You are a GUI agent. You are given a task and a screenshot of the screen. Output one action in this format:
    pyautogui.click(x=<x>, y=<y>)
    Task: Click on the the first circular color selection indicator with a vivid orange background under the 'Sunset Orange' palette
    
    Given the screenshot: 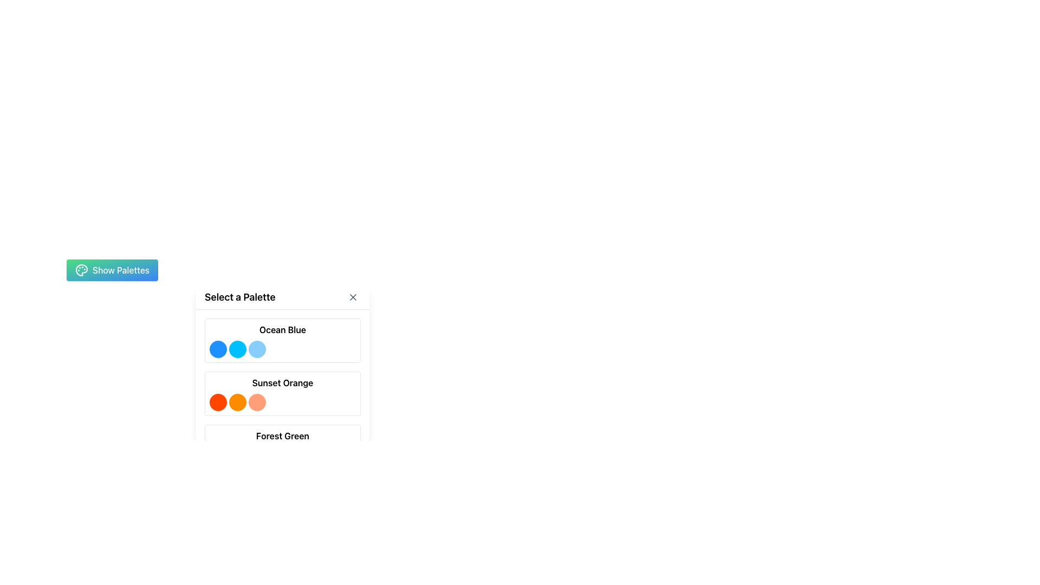 What is the action you would take?
    pyautogui.click(x=218, y=402)
    